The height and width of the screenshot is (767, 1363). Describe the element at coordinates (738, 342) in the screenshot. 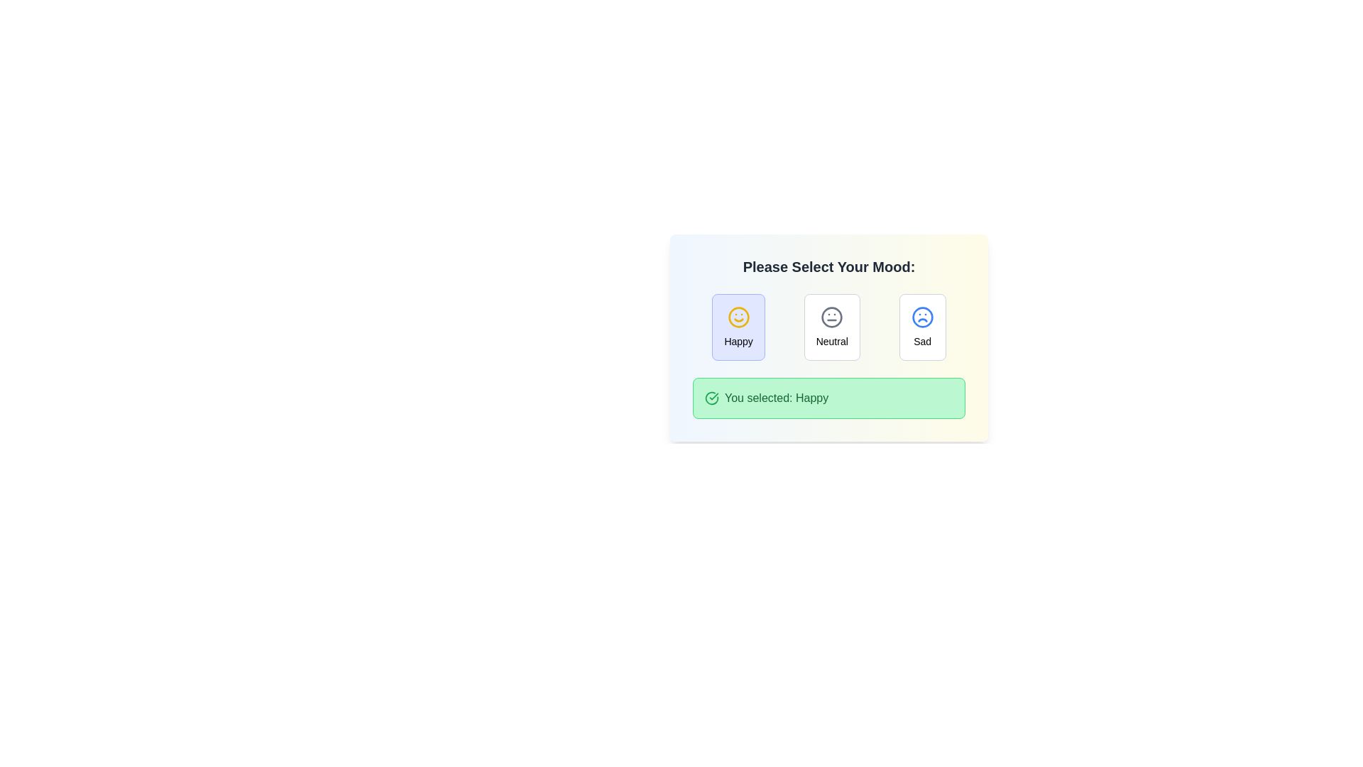

I see `the 'Happy' text label located directly below the yellow smiley icon in the mood selection interface` at that location.